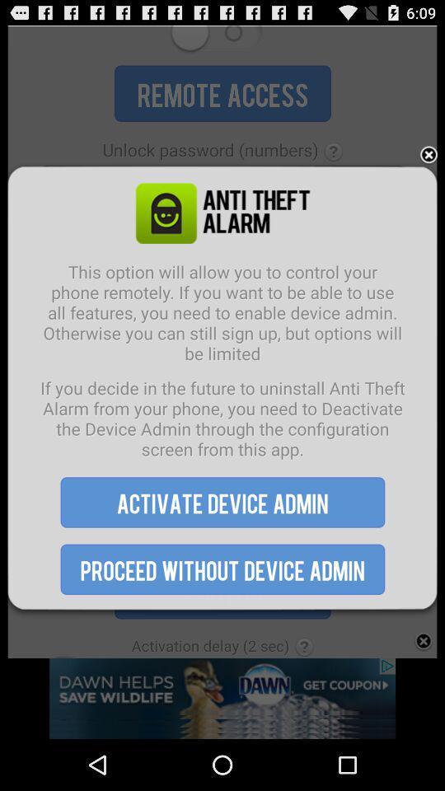  I want to click on advertisement, so click(429, 155).